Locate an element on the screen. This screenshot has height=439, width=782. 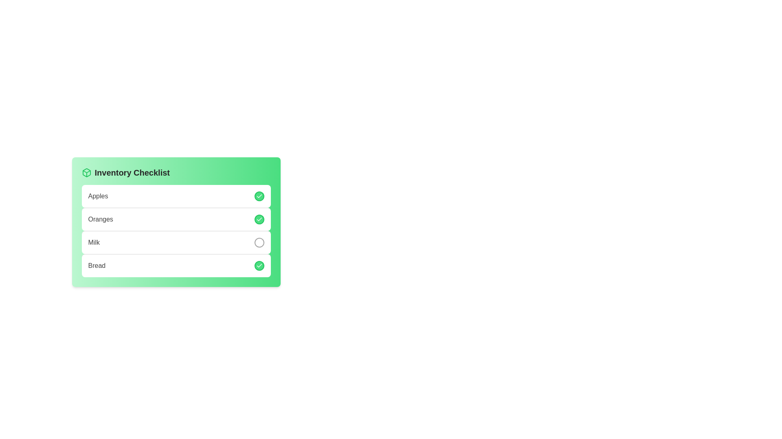
the green 3D box icon located to the left of the 'Inventory Checklist' title in the header section is located at coordinates (86, 172).